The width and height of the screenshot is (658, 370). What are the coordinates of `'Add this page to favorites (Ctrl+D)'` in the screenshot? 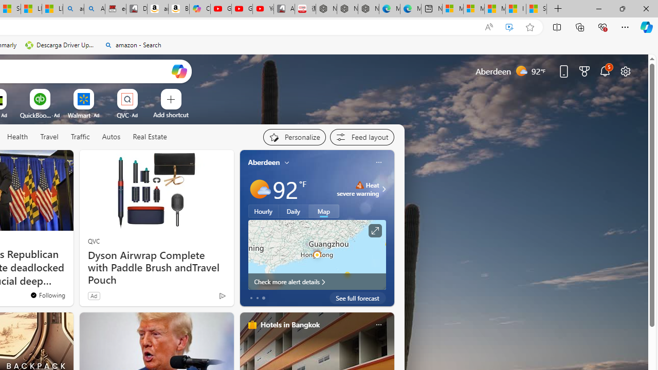 It's located at (530, 27).